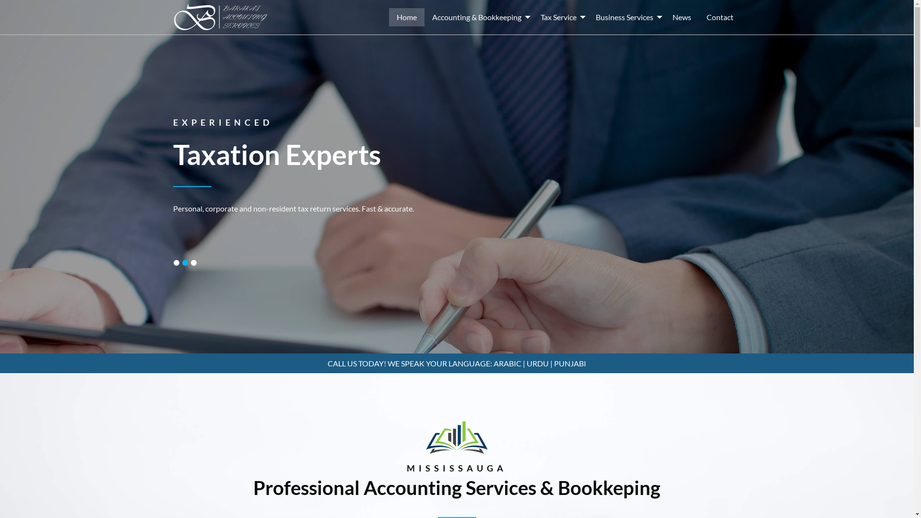 The width and height of the screenshot is (921, 518). Describe the element at coordinates (478, 17) in the screenshot. I see `'Accounting & Bookkeeping'` at that location.